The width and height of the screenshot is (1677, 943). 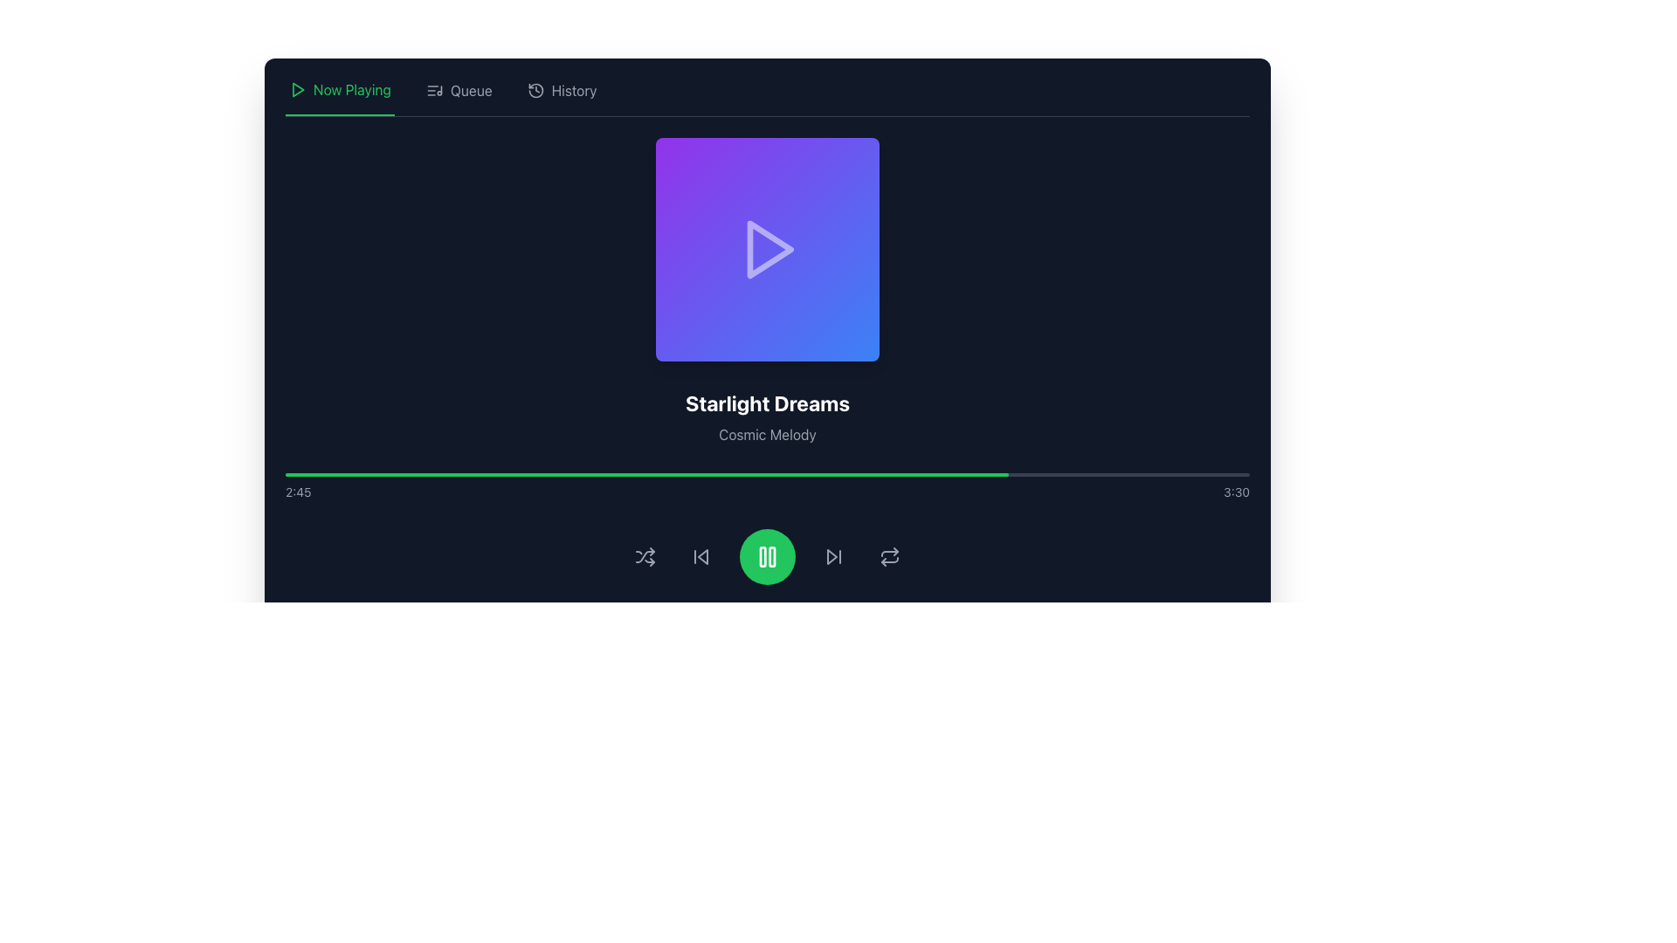 What do you see at coordinates (1200, 474) in the screenshot?
I see `the progress bar` at bounding box center [1200, 474].